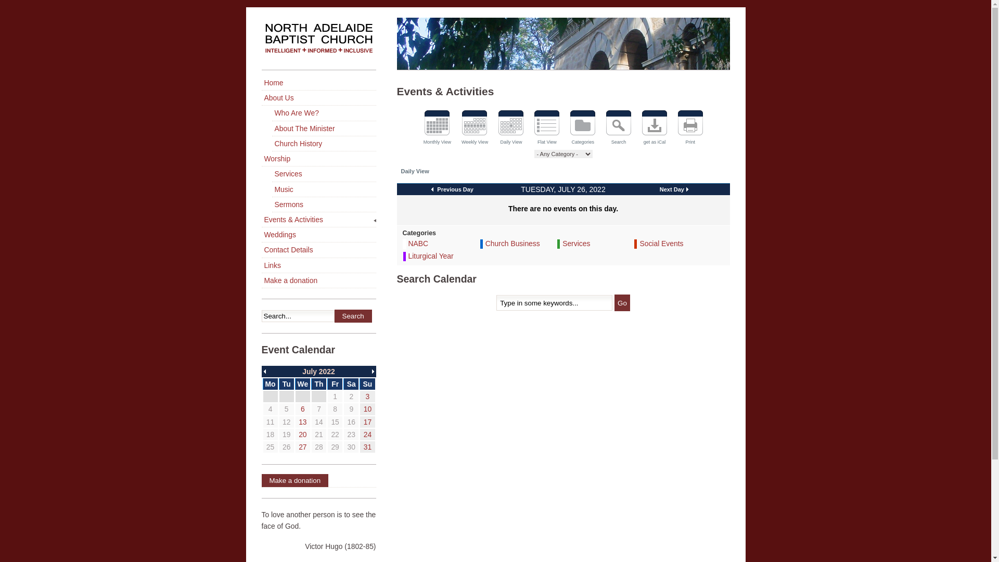 Image resolution: width=999 pixels, height=562 pixels. I want to click on '31', so click(364, 446).